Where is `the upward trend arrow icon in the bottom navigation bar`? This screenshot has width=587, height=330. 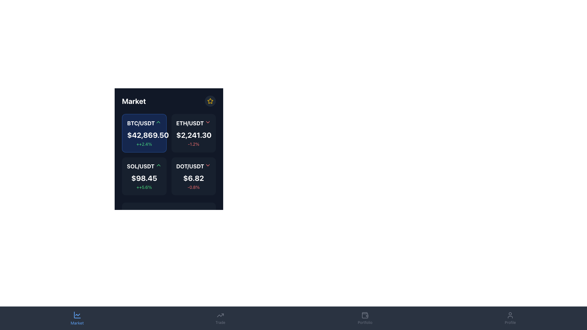 the upward trend arrow icon in the bottom navigation bar is located at coordinates (220, 315).